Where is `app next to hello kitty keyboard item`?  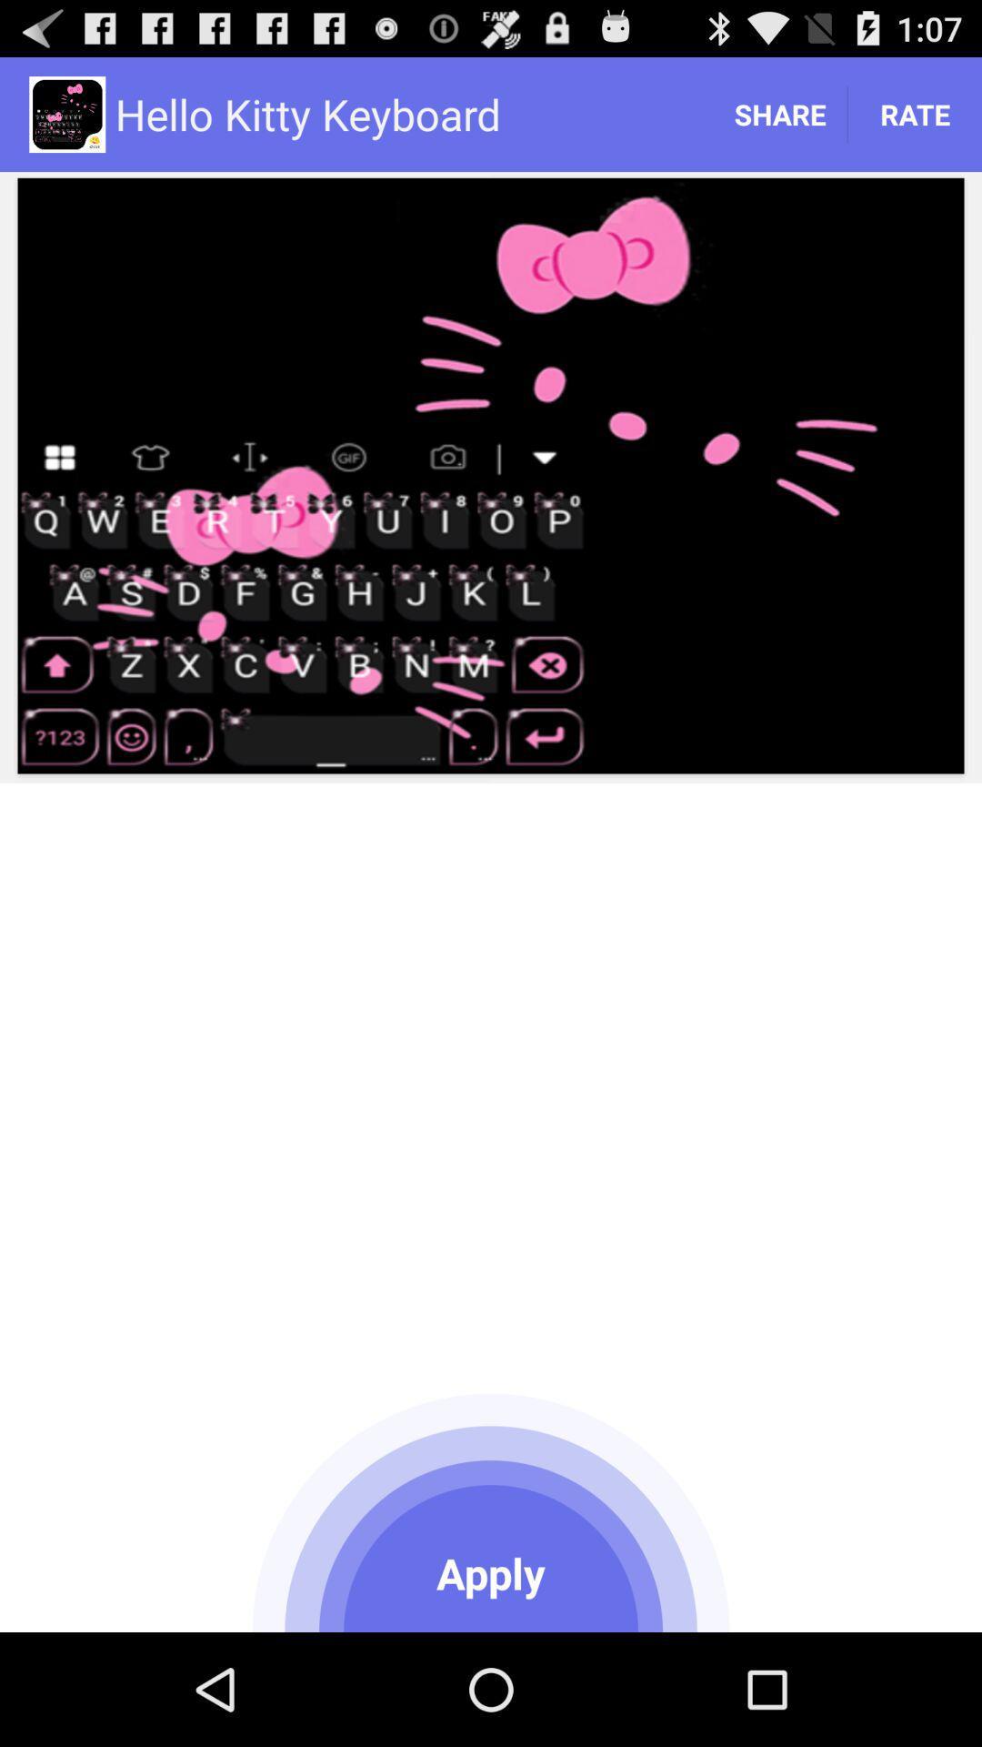 app next to hello kitty keyboard item is located at coordinates (778, 113).